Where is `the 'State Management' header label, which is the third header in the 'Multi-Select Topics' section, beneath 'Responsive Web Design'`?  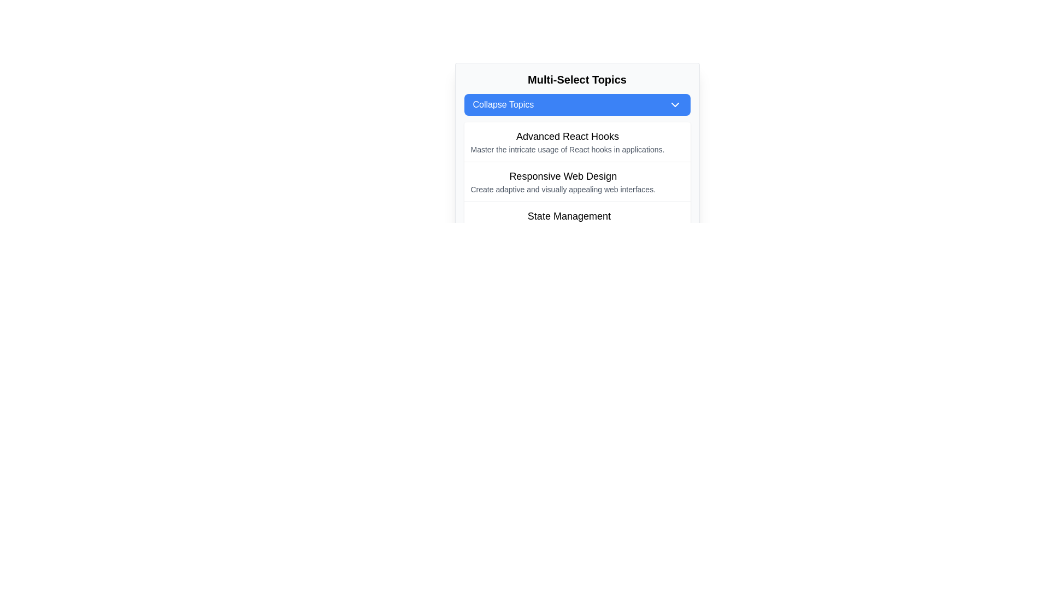 the 'State Management' header label, which is the third header in the 'Multi-Select Topics' section, beneath 'Responsive Web Design' is located at coordinates (568, 216).